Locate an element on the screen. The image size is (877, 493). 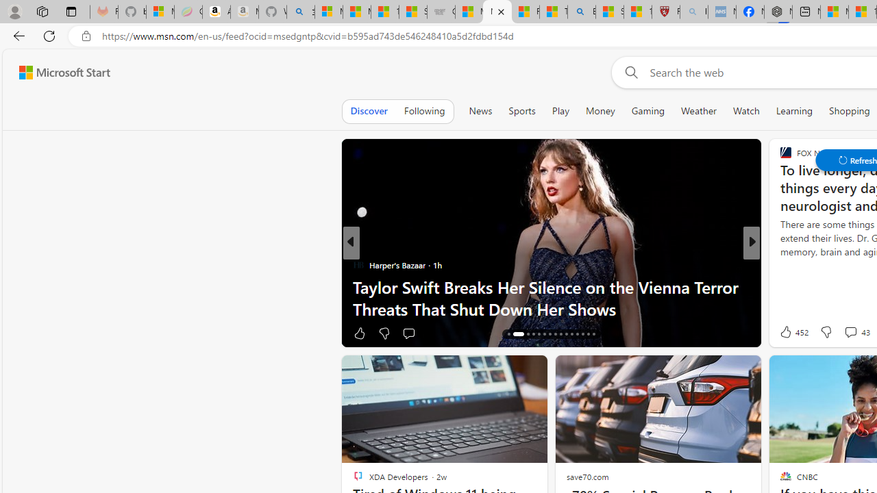
'AutomationID: tab-25' is located at coordinates (566, 334).